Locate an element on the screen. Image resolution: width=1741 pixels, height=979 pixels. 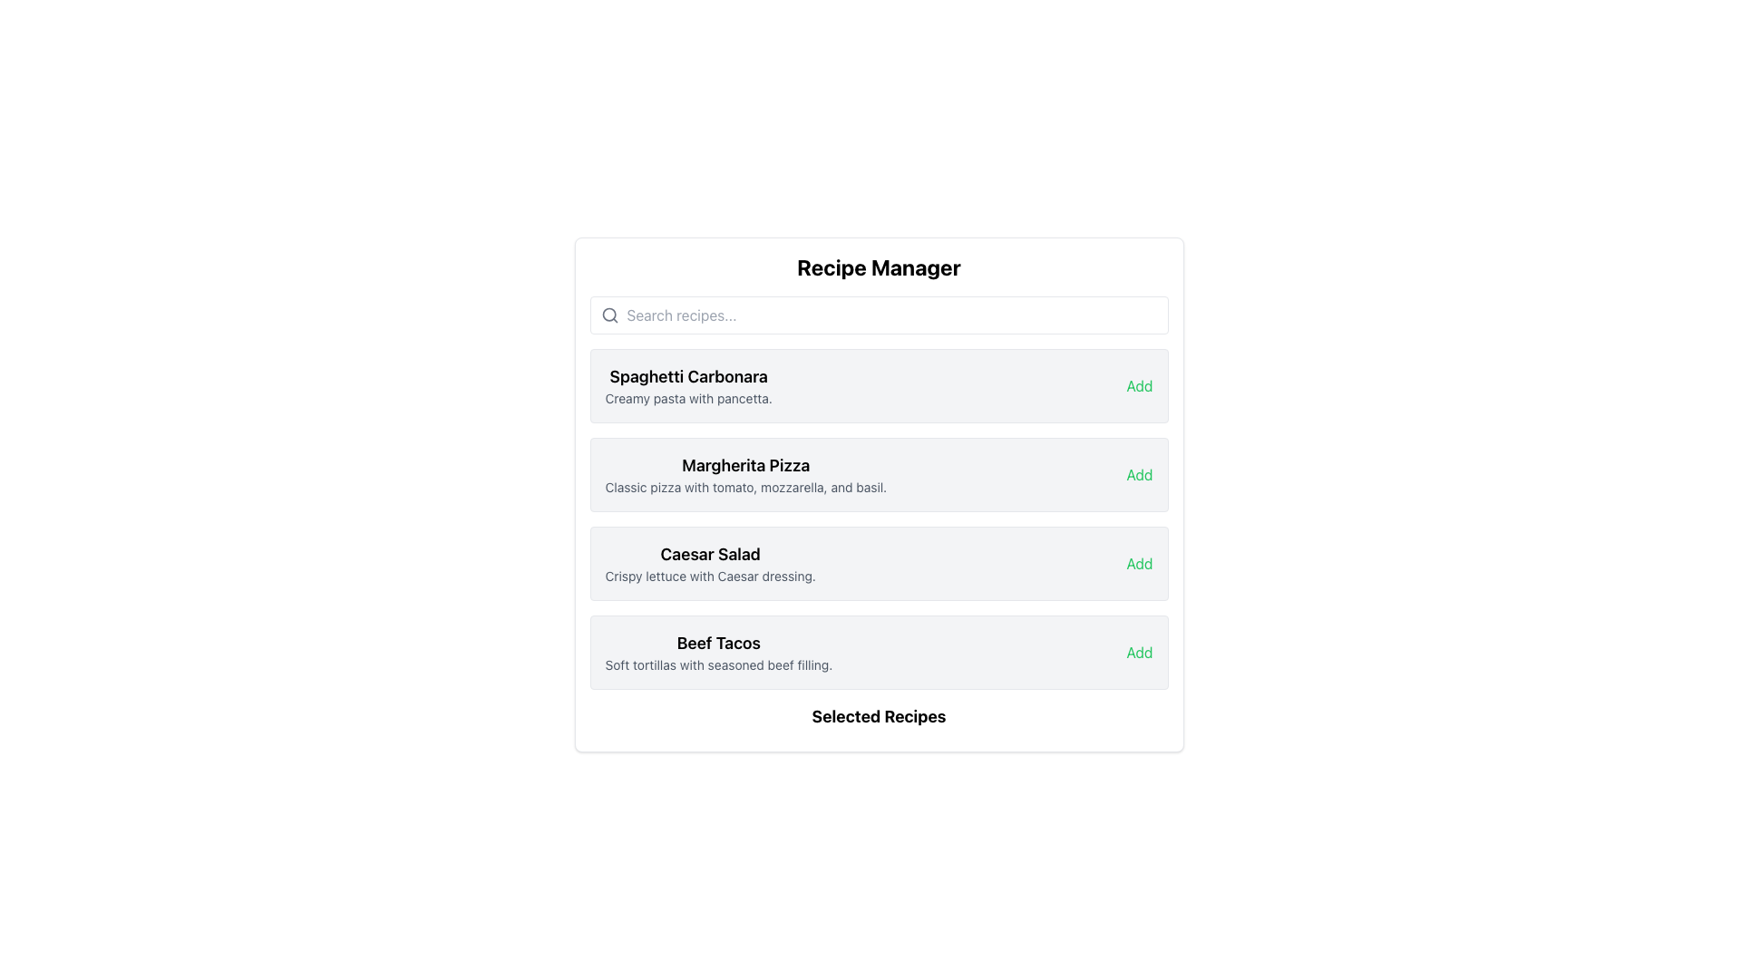
the search icon located inside the text input field beneath the 'Recipe Manager' heading, positioned to the far left of the input field is located at coordinates (609, 314).